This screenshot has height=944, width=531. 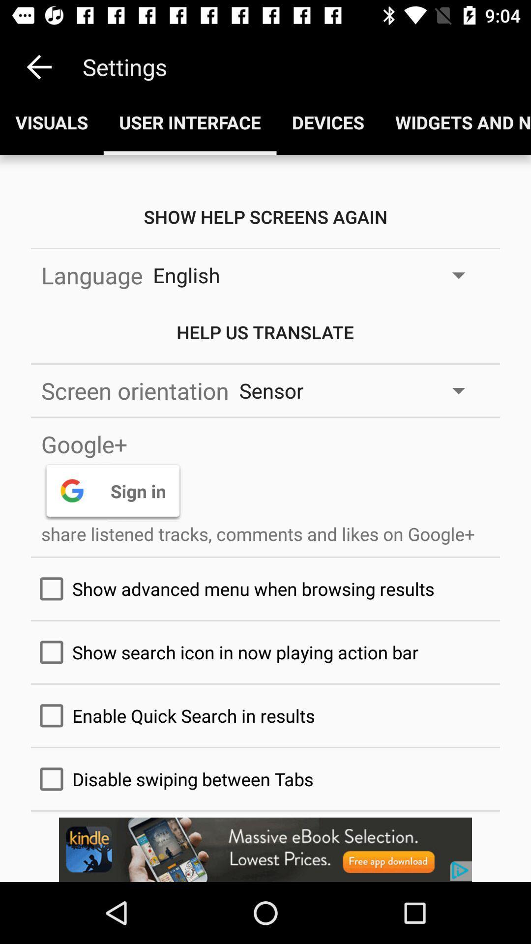 What do you see at coordinates (265, 778) in the screenshot?
I see `the text above kindle` at bounding box center [265, 778].